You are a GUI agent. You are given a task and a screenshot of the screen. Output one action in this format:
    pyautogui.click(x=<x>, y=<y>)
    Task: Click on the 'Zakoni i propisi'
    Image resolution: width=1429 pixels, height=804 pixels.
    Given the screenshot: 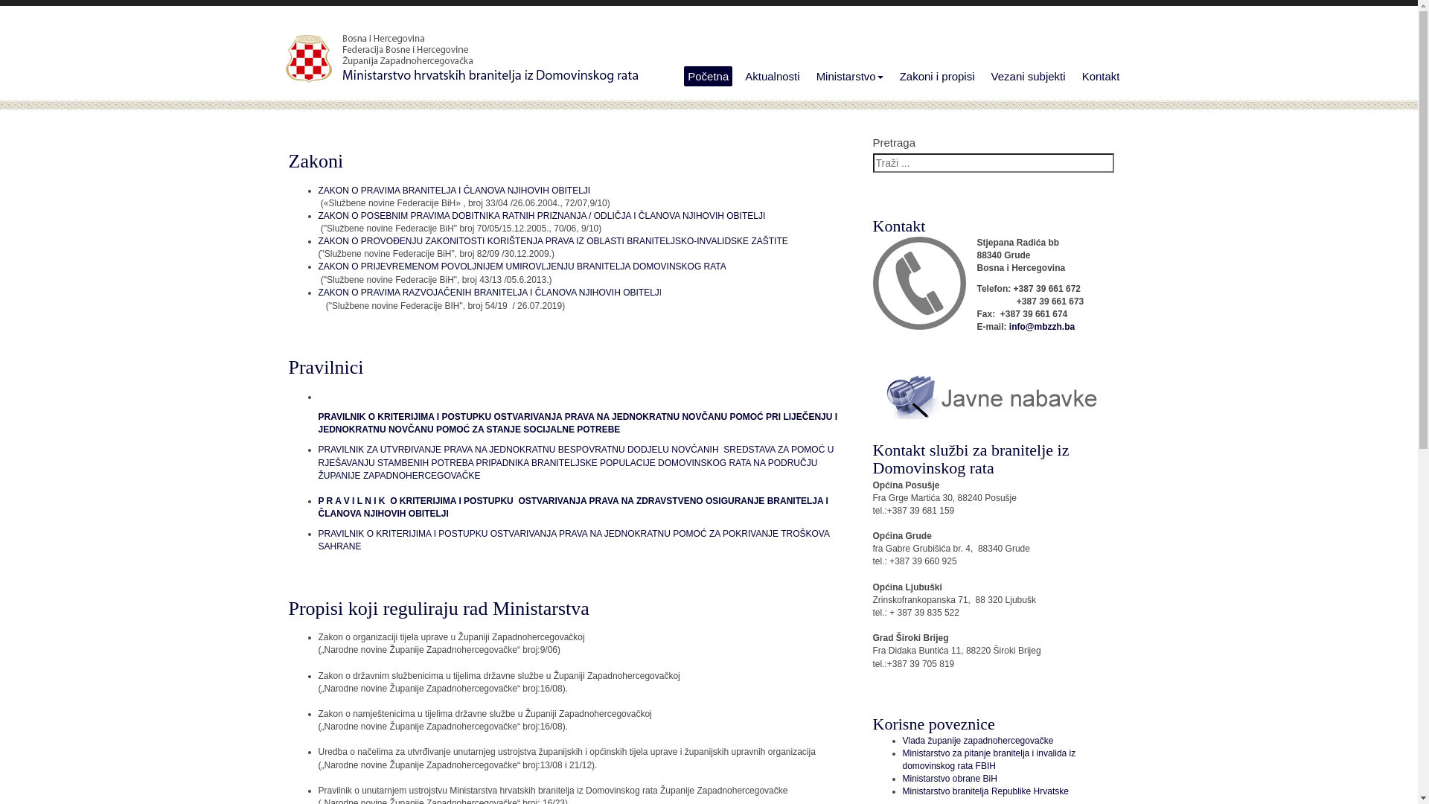 What is the action you would take?
    pyautogui.click(x=895, y=76)
    